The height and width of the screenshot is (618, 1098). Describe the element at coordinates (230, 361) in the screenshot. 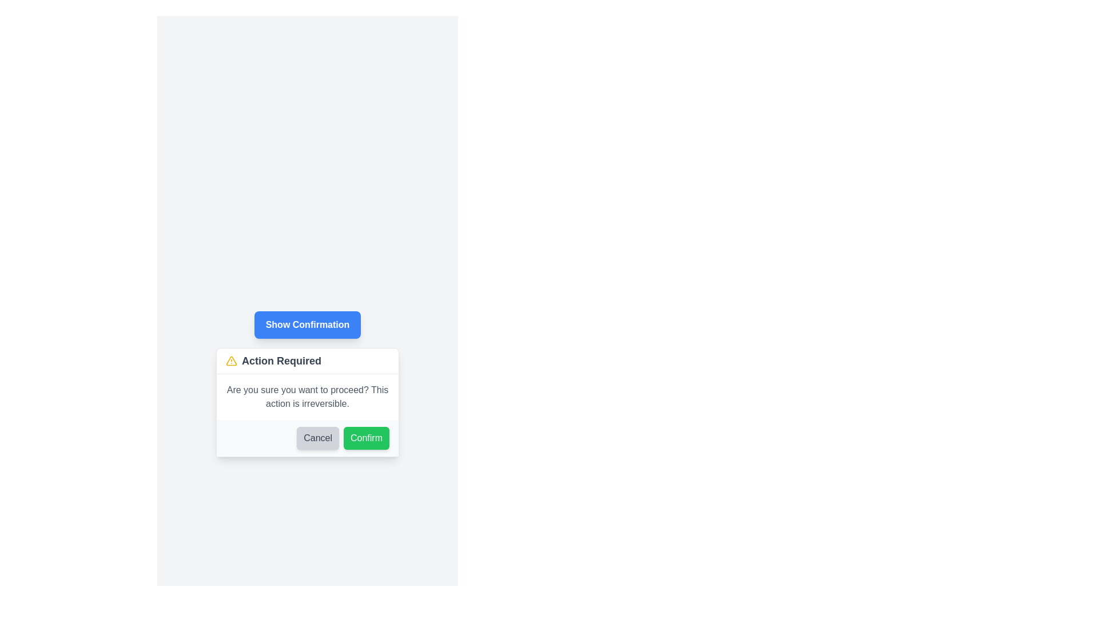

I see `the triangular warning icon with a yellow outline, which is located to the left of the text 'Action Required' in the modal dialog` at that location.